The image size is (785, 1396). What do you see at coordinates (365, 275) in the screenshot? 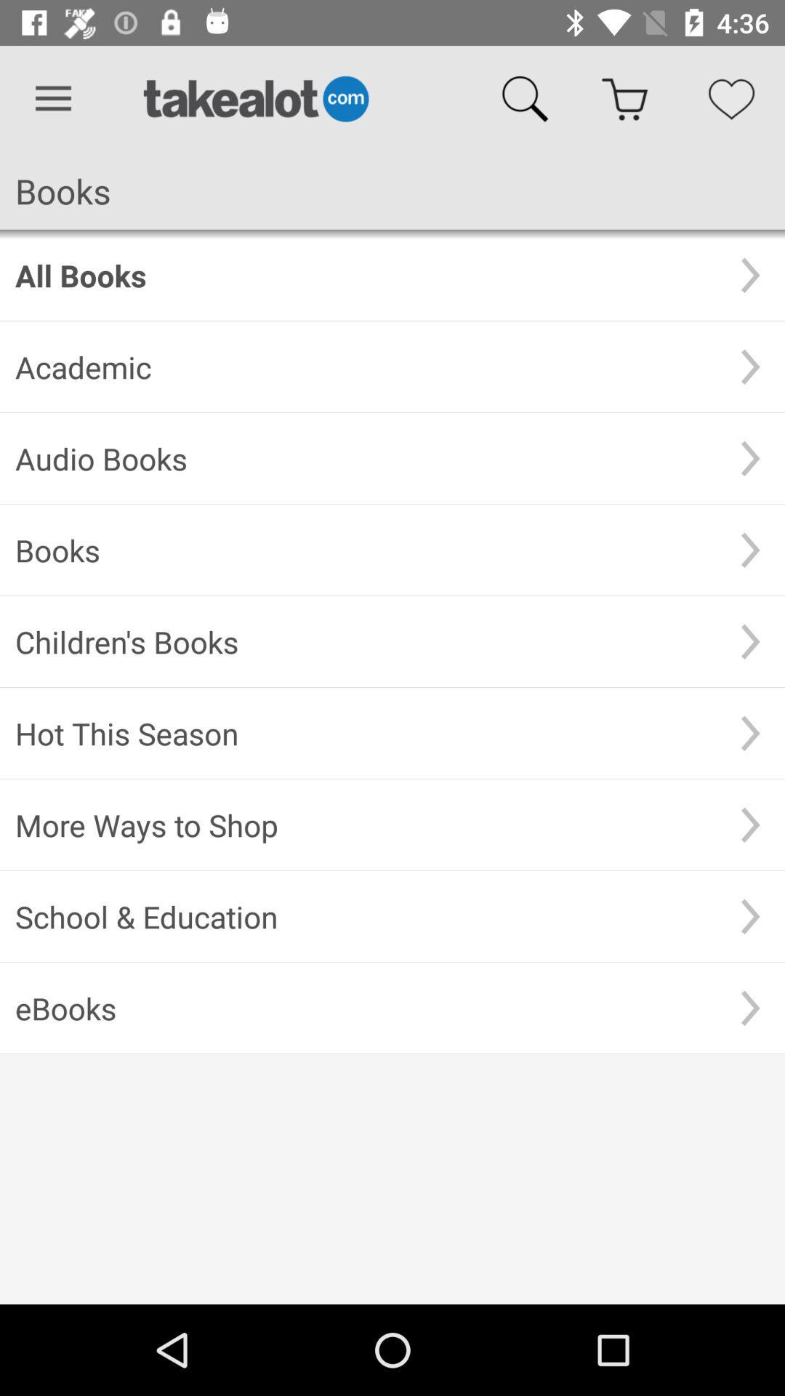
I see `the all books item` at bounding box center [365, 275].